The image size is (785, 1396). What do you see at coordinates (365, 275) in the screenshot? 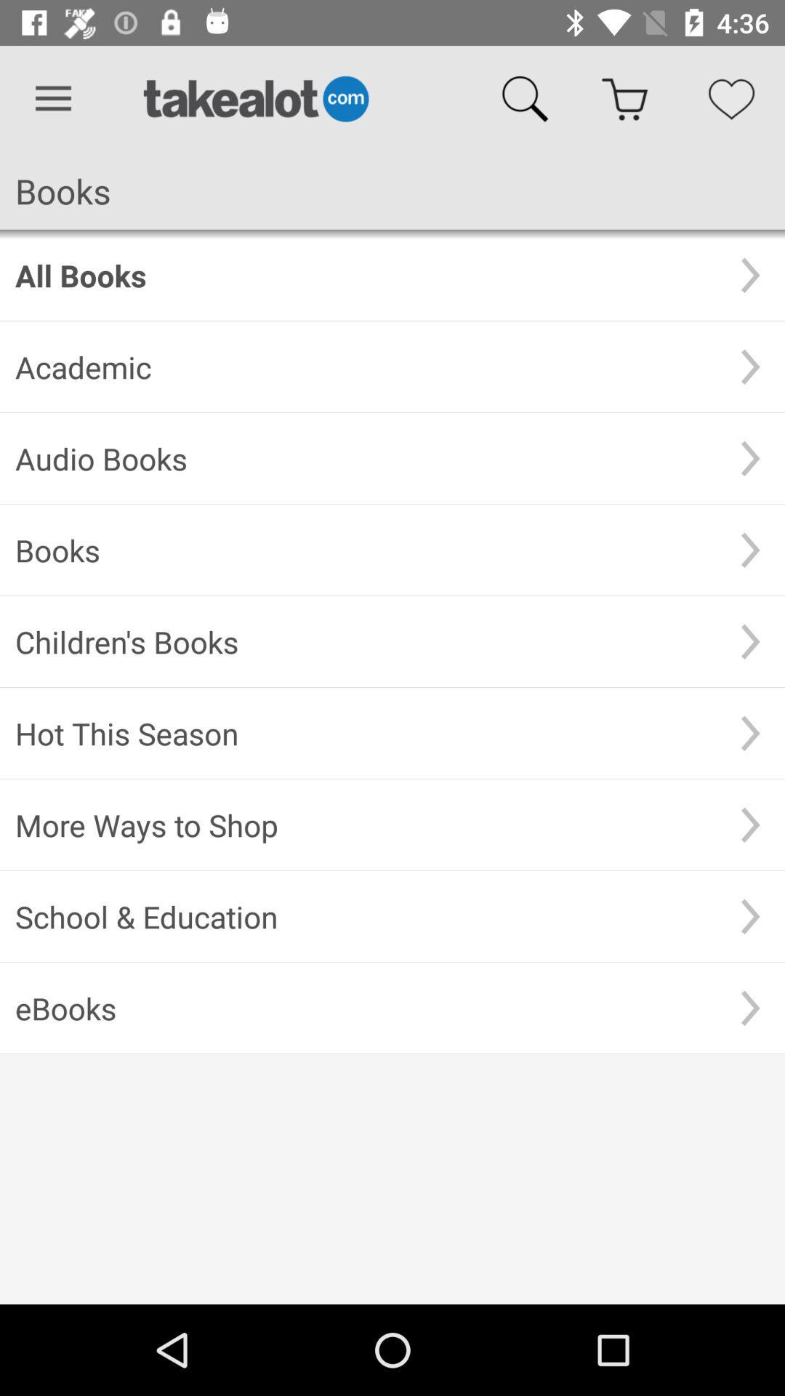
I see `the all books item` at bounding box center [365, 275].